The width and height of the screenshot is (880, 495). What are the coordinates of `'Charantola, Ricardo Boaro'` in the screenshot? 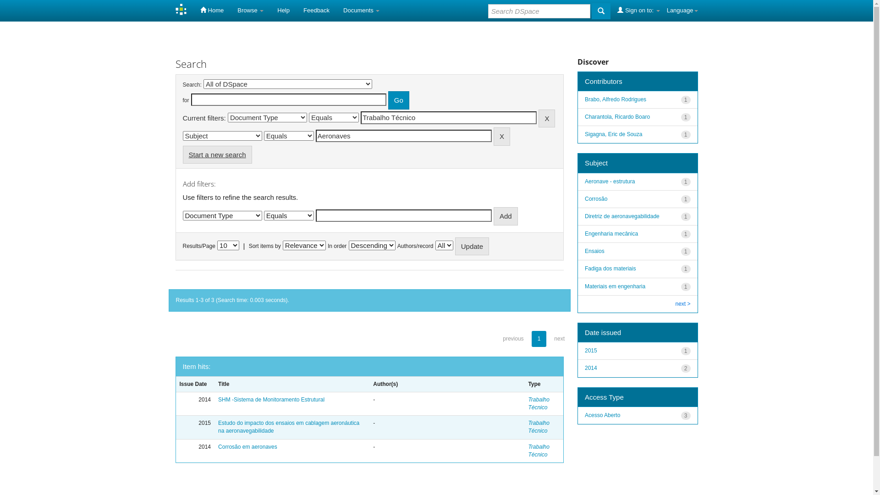 It's located at (617, 116).